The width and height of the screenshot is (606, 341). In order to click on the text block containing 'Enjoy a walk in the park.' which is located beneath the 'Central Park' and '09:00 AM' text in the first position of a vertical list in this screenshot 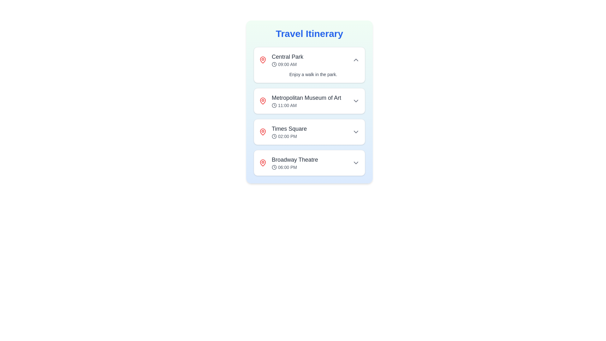, I will do `click(309, 74)`.